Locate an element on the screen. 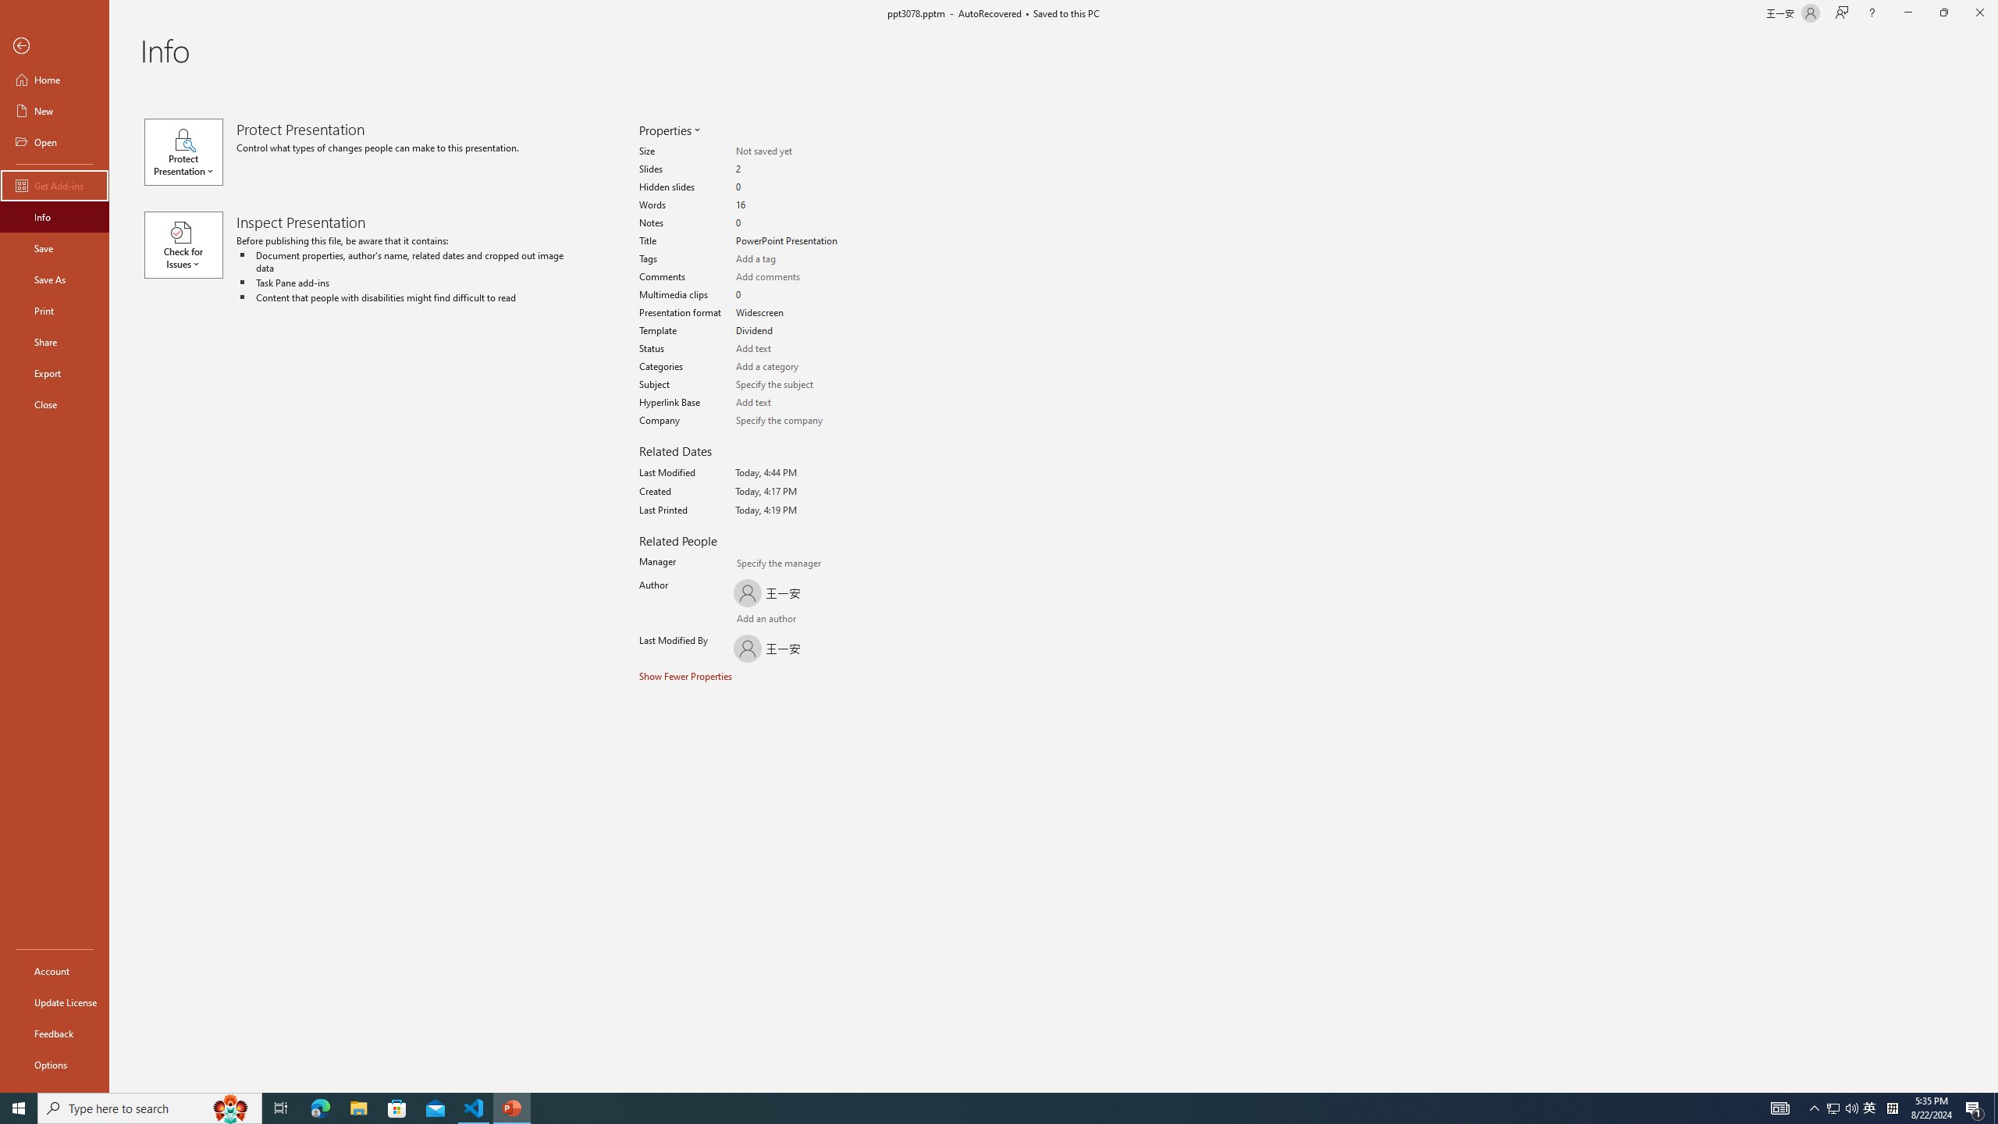 The width and height of the screenshot is (1998, 1124). 'Notes' is located at coordinates (789, 223).